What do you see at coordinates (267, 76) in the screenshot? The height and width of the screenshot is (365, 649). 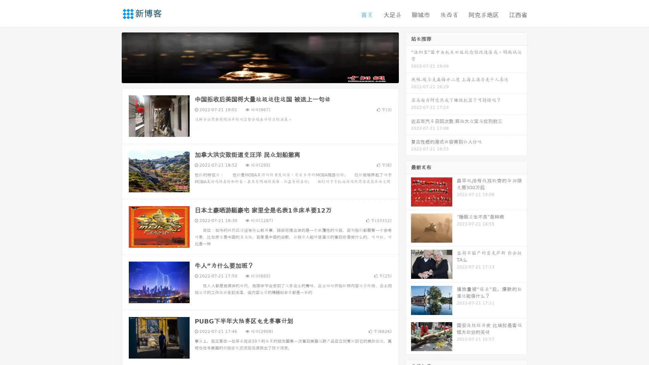 I see `Go to slide 3` at bounding box center [267, 76].